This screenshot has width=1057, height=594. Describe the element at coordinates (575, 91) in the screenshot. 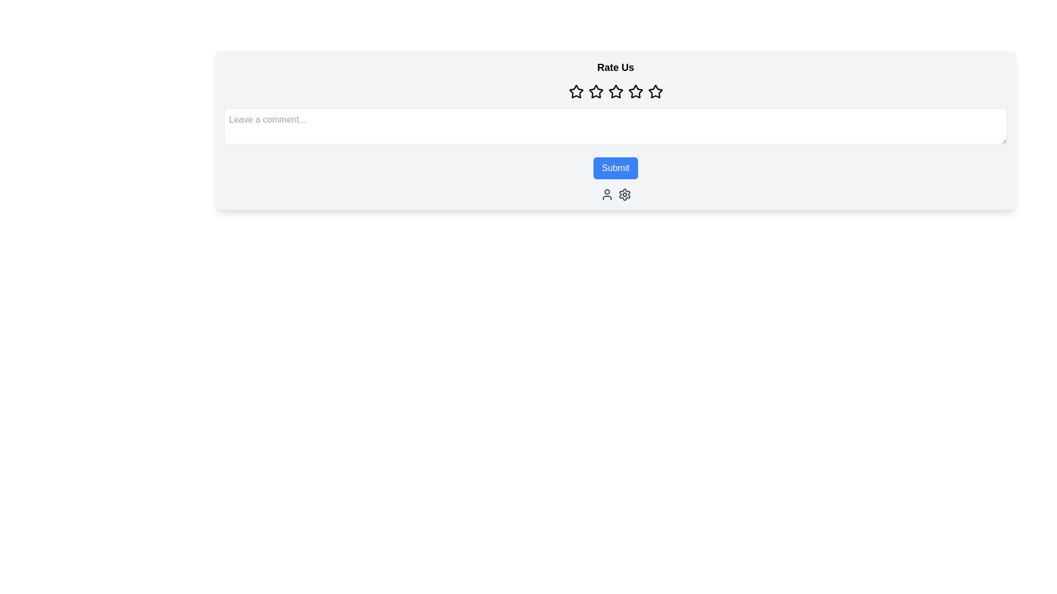

I see `the first star icon in the rating system for accessibility navigation, located below the 'Rate Us' text` at that location.